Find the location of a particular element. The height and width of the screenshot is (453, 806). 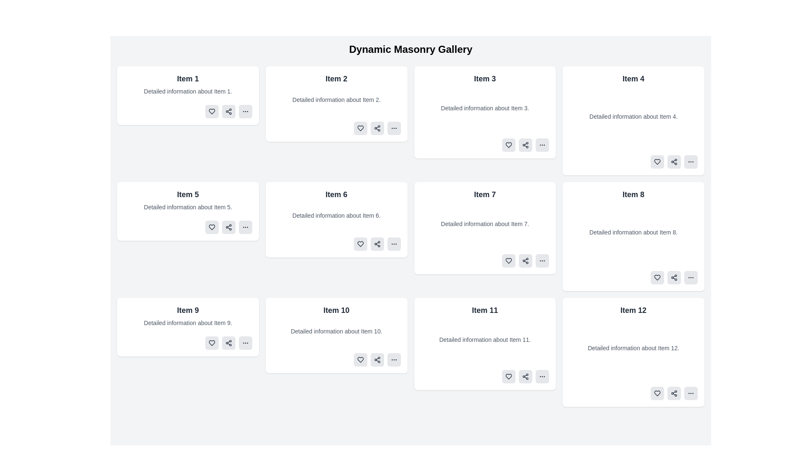

the button located in the bottom-right corner of the card labeled 'Item 11' is located at coordinates (542, 376).